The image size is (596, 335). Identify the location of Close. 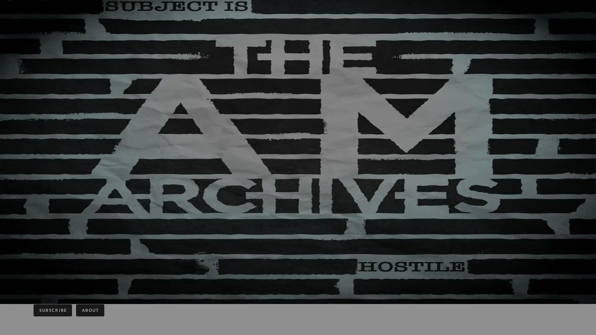
(370, 89).